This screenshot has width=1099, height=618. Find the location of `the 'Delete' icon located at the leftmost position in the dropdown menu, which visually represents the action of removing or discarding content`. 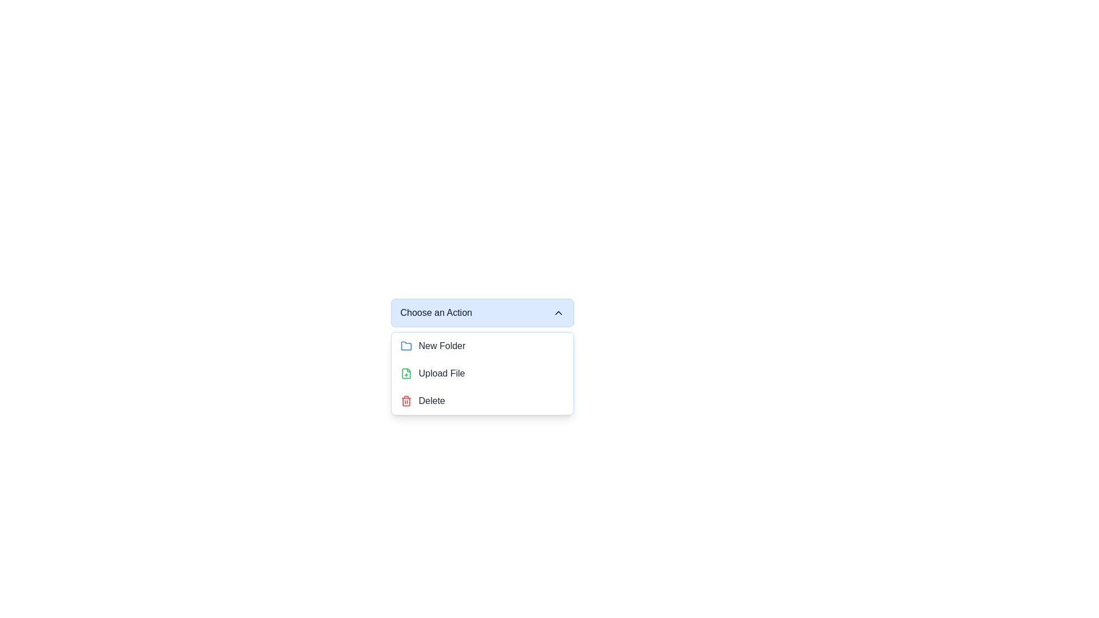

the 'Delete' icon located at the leftmost position in the dropdown menu, which visually represents the action of removing or discarding content is located at coordinates (406, 401).